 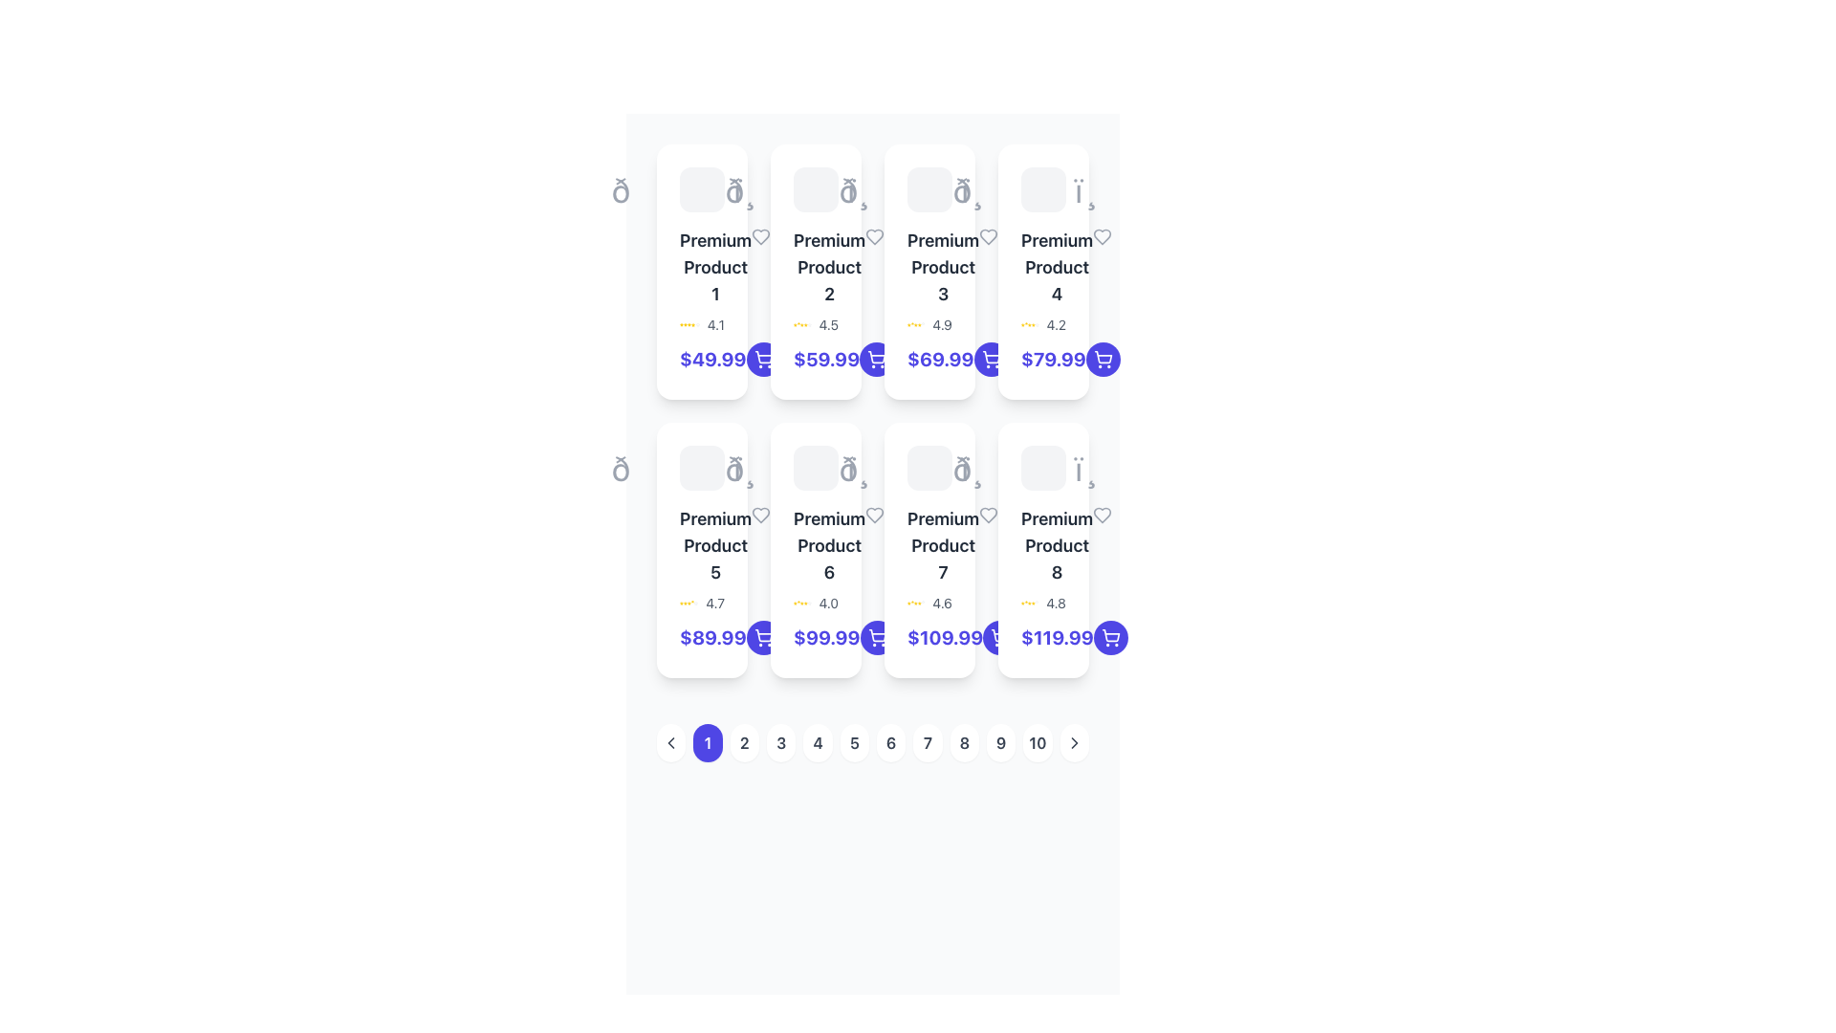 I want to click on central basket structure of the shopping cart icon located in the bottom-right area adjacent to the pricing section of 'Premium Product 8', so click(x=999, y=635).